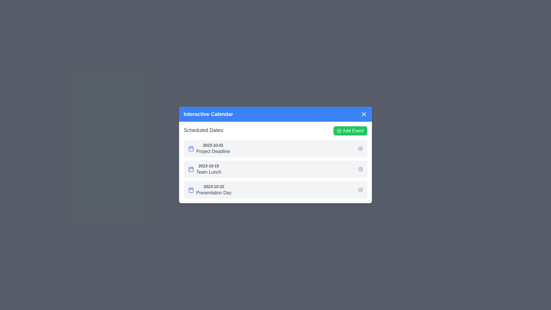  Describe the element at coordinates (363, 114) in the screenshot. I see `the 'X' button in the header to close the dialog` at that location.